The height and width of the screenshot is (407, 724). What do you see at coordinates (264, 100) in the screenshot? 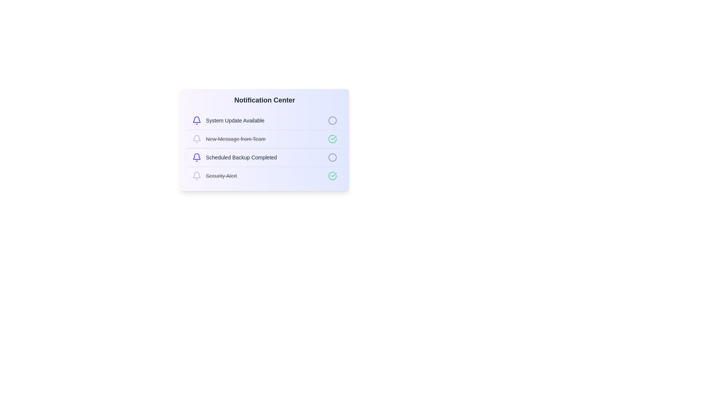
I see `the Notification Center title` at bounding box center [264, 100].